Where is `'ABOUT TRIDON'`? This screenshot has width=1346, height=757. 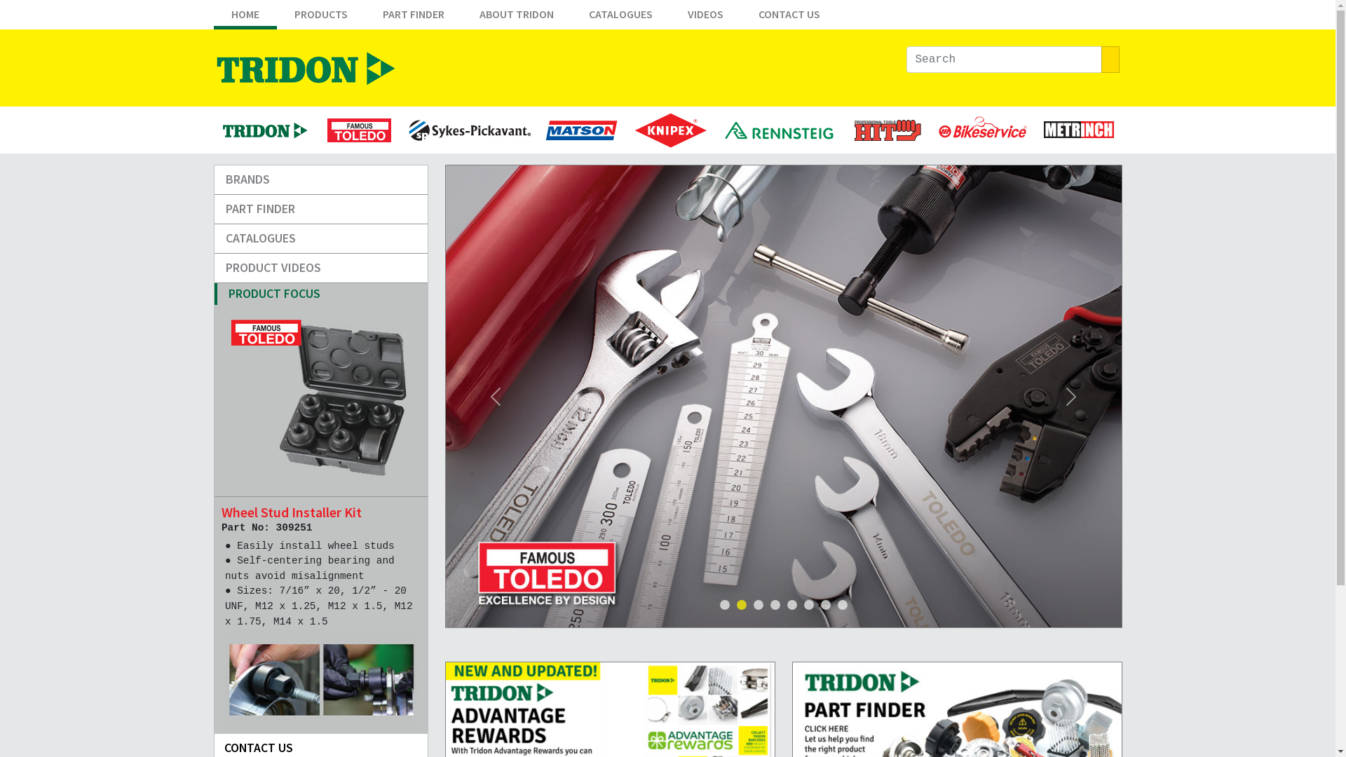 'ABOUT TRIDON' is located at coordinates (515, 17).